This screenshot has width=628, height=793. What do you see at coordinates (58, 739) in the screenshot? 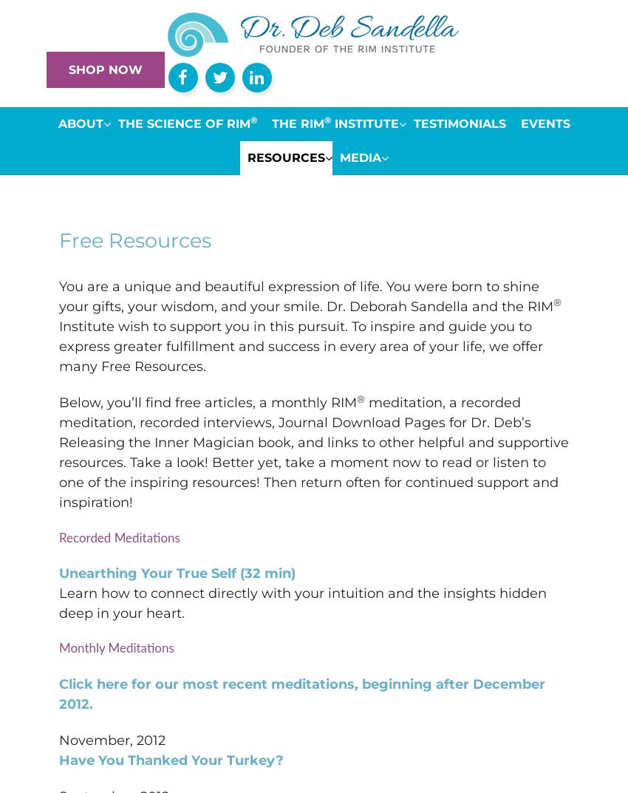
I see `'November, 2012'` at bounding box center [58, 739].